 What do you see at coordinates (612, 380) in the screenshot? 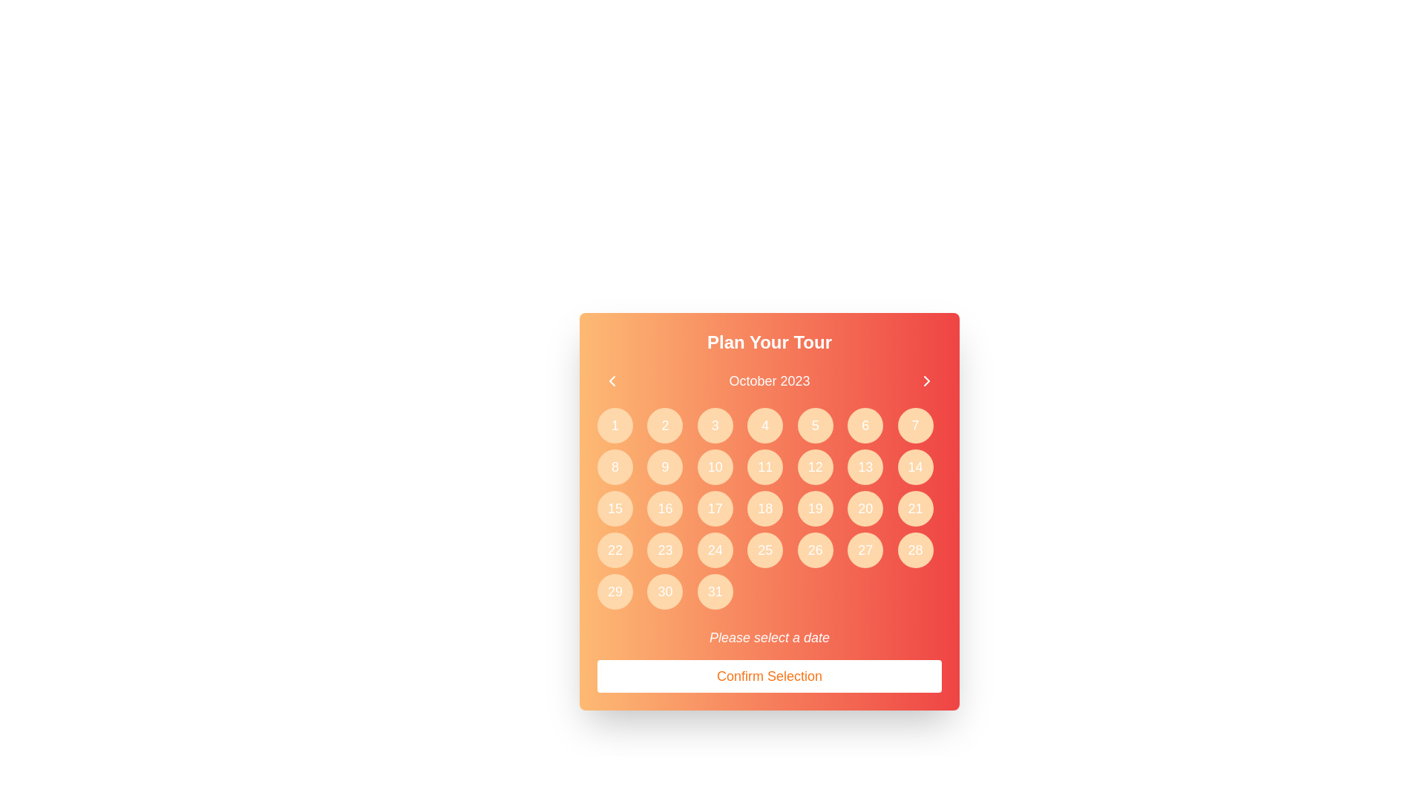
I see `the left-facing chevron button located in the top-left corner of the card interface, adjacent to the title 'Plan Your Tour'` at bounding box center [612, 380].